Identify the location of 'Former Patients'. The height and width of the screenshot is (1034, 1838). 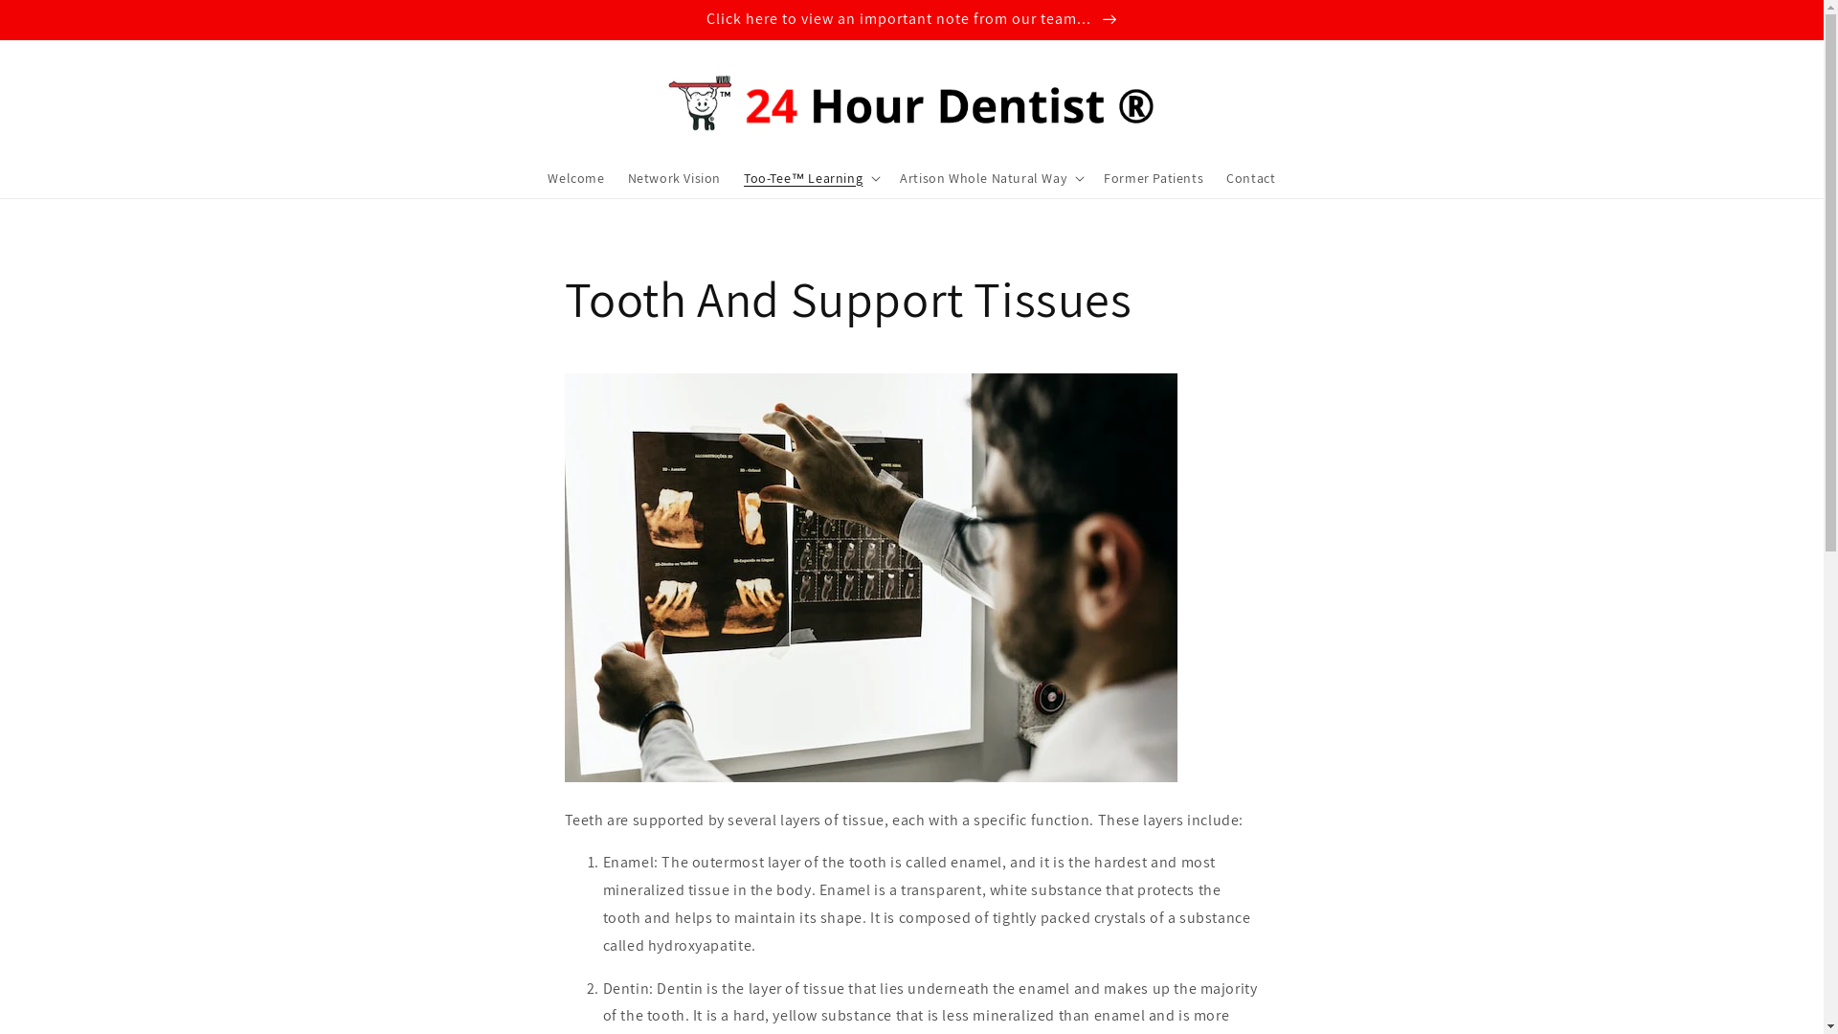
(1092, 177).